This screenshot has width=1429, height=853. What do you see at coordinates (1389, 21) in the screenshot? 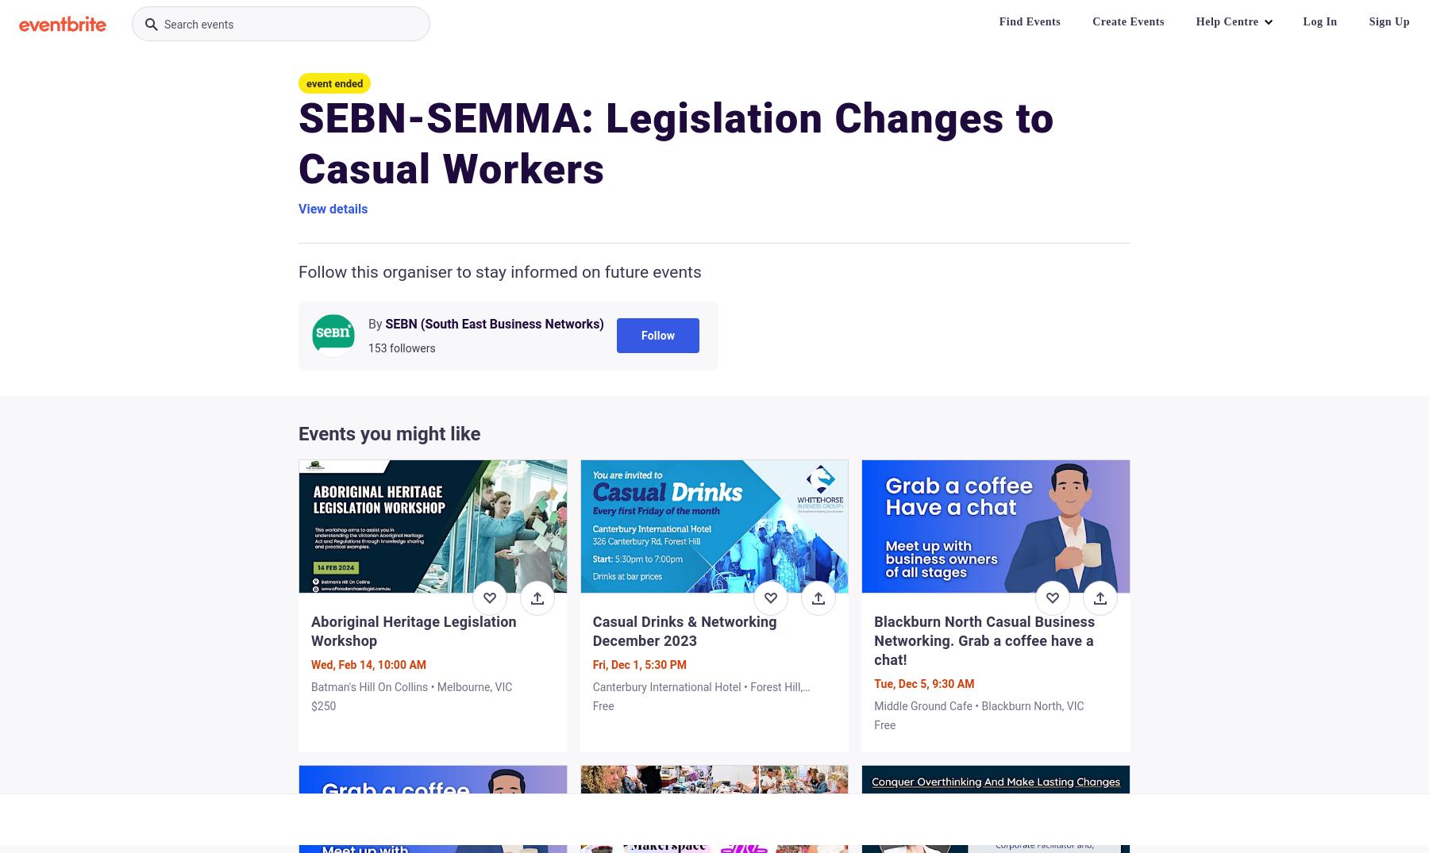
I see `'Sign Up'` at bounding box center [1389, 21].